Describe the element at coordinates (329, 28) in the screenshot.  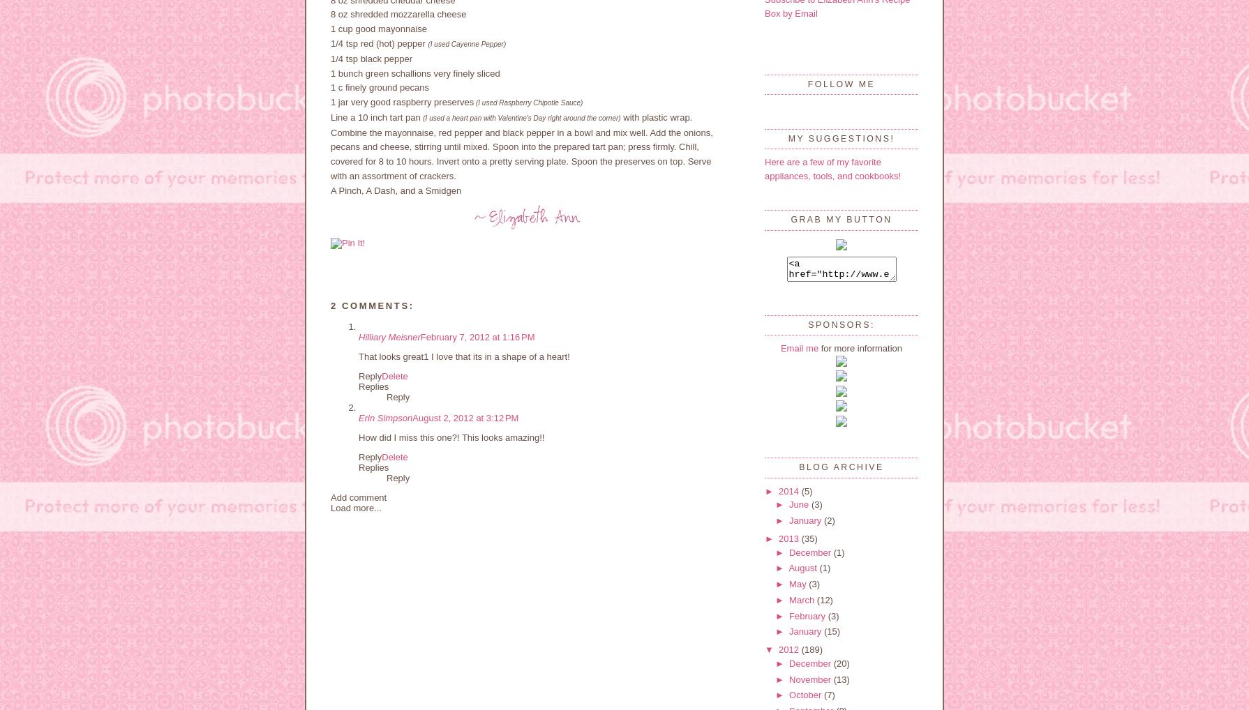
I see `'1 cup good mayonnaise'` at that location.